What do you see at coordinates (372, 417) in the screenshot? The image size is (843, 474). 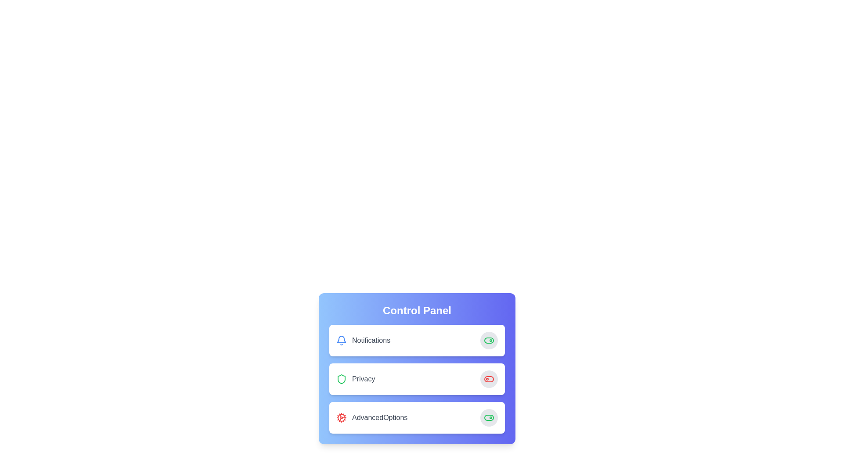 I see `the Label with Icon element that features a red cog icon followed` at bounding box center [372, 417].